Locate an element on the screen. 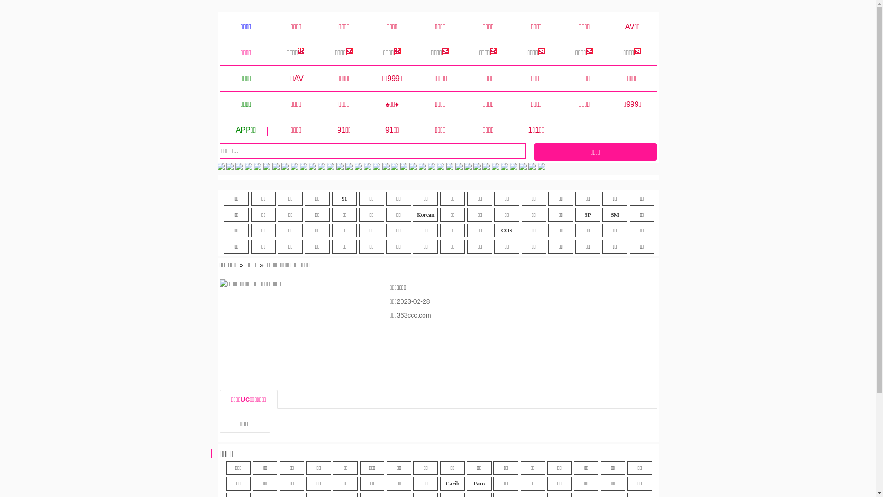  'Carib' is located at coordinates (452, 483).